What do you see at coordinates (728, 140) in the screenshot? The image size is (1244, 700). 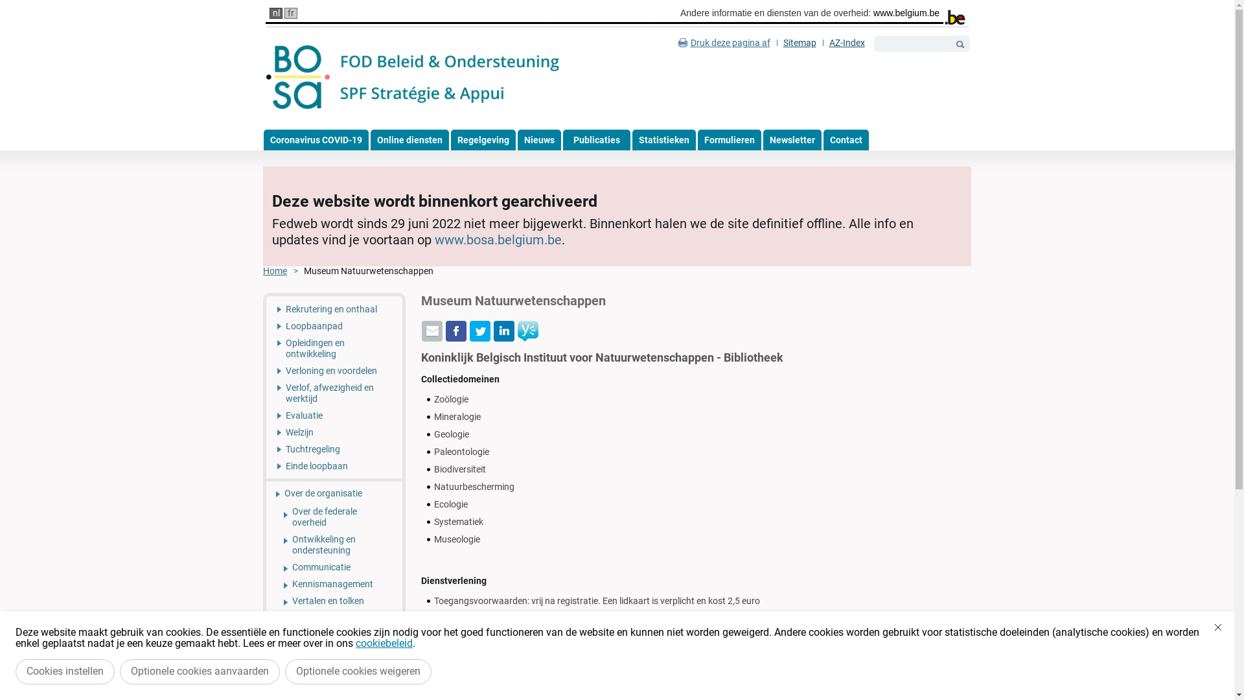 I see `'Formulieren'` at bounding box center [728, 140].